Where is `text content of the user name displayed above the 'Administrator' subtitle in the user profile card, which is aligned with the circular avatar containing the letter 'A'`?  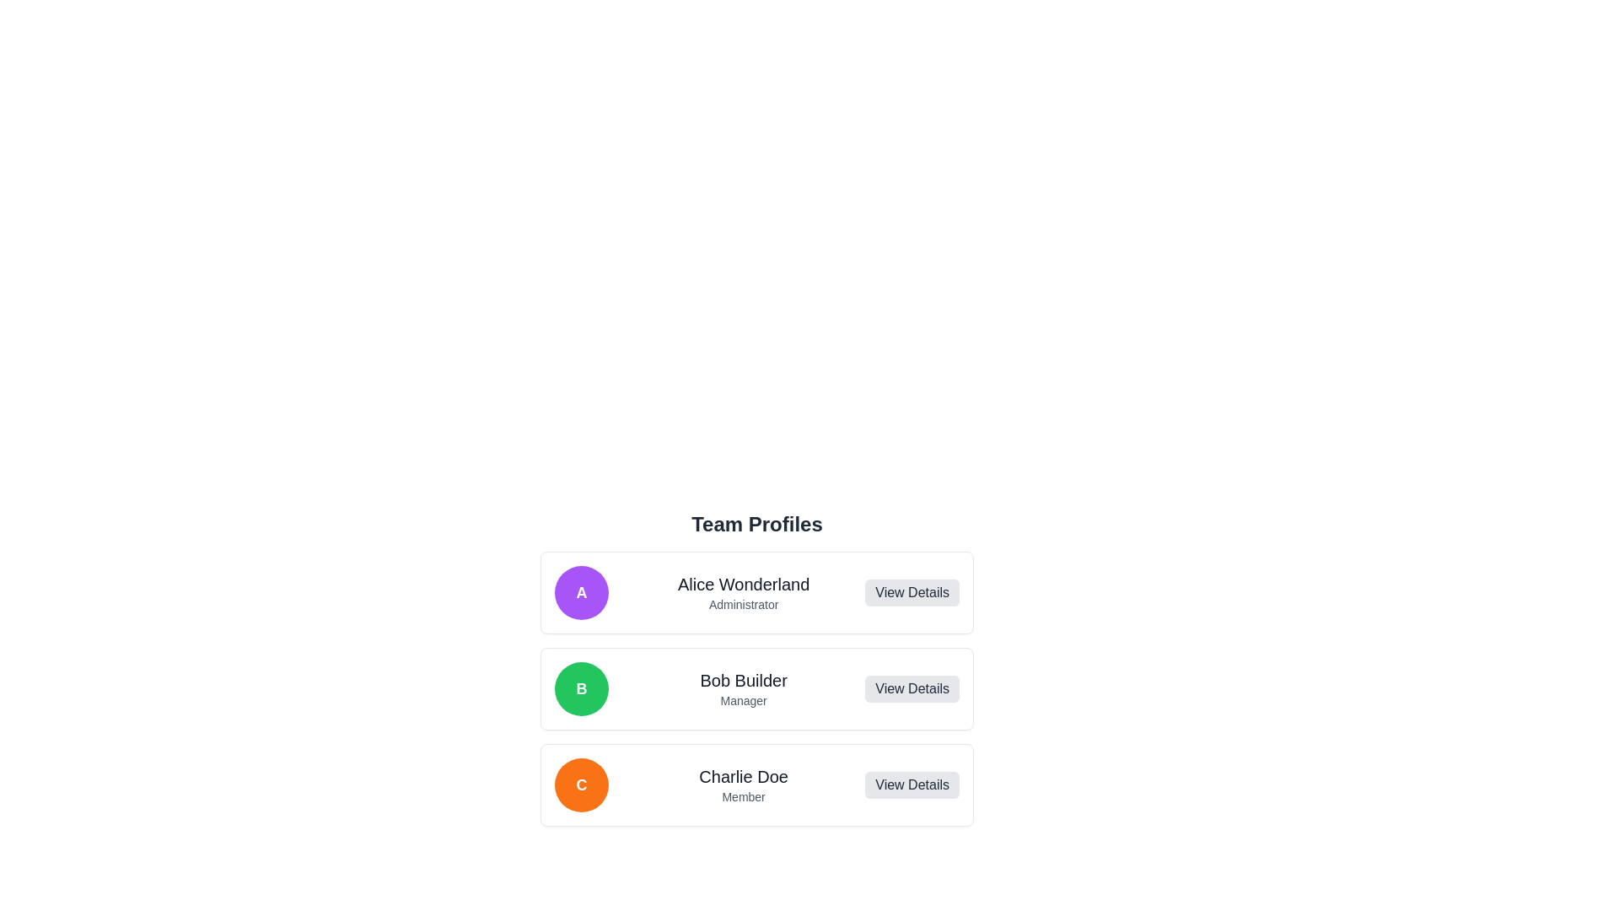 text content of the user name displayed above the 'Administrator' subtitle in the user profile card, which is aligned with the circular avatar containing the letter 'A' is located at coordinates (743, 584).